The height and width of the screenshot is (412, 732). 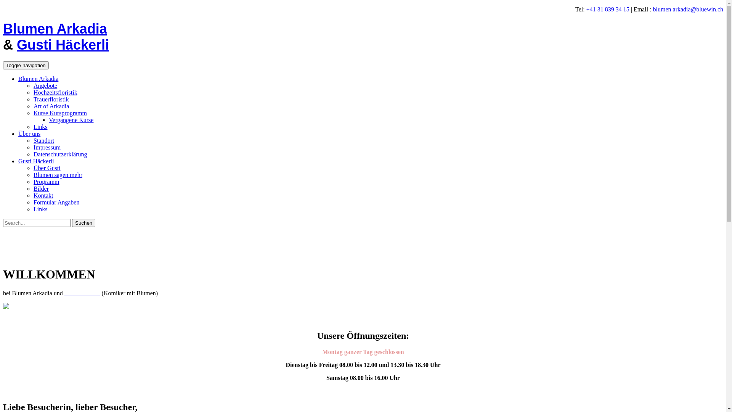 What do you see at coordinates (56, 202) in the screenshot?
I see `'Formular Angaben'` at bounding box center [56, 202].